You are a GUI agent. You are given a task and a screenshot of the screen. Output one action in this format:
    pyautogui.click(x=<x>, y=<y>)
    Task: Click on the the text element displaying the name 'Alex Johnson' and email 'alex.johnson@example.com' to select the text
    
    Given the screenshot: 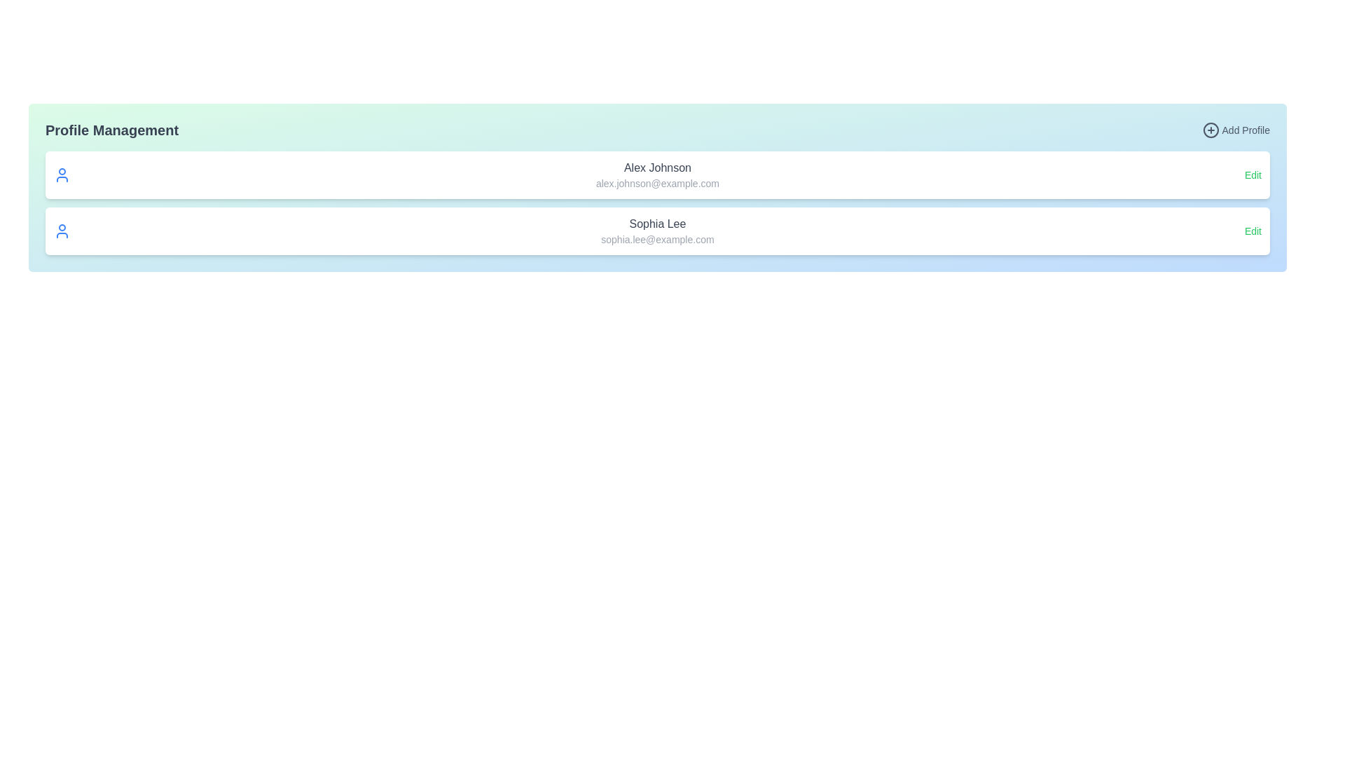 What is the action you would take?
    pyautogui.click(x=656, y=175)
    